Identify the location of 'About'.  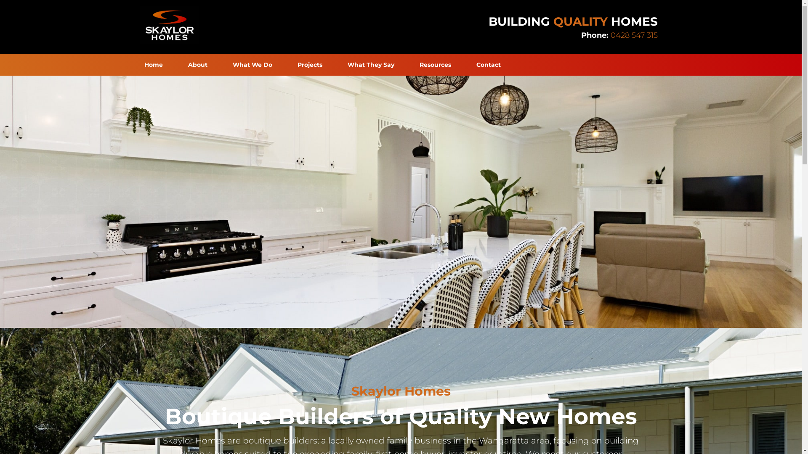
(175, 64).